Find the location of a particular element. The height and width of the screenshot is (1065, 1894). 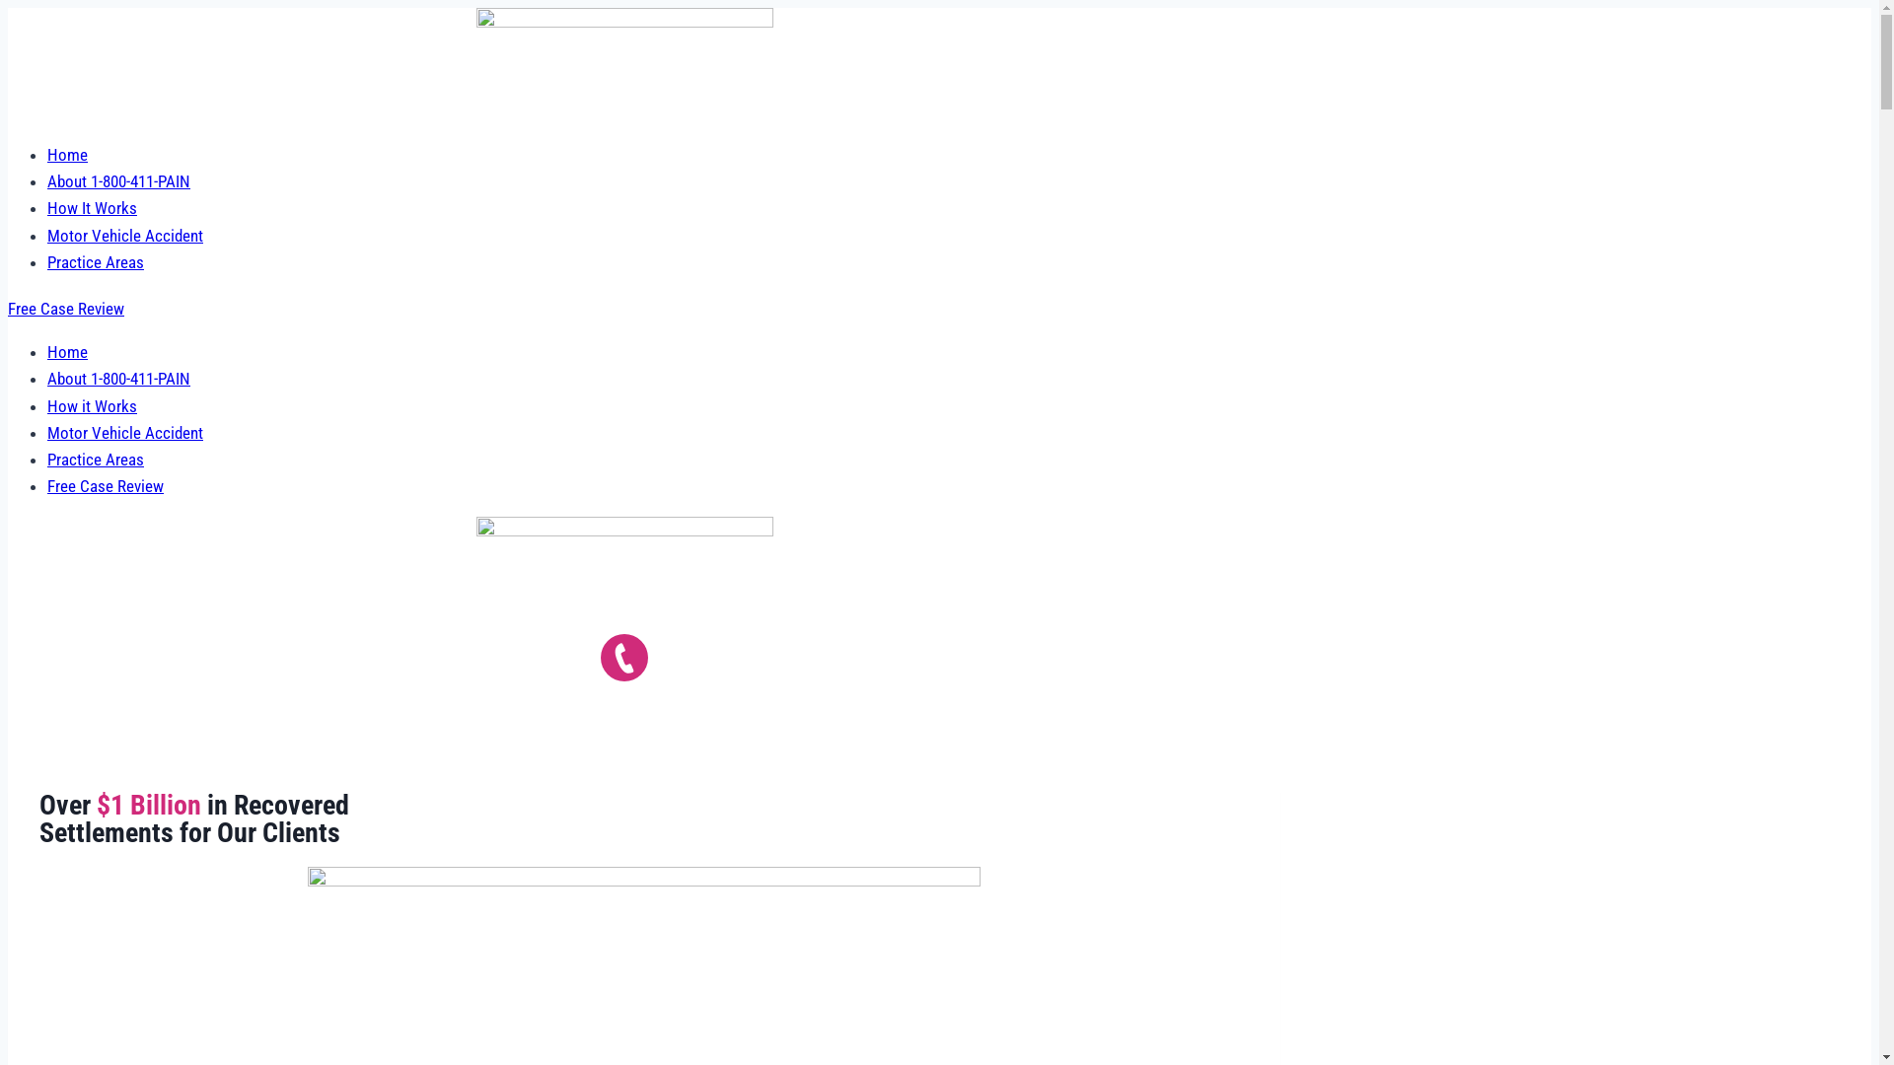

'About 1-800-411-PAIN' is located at coordinates (117, 379).